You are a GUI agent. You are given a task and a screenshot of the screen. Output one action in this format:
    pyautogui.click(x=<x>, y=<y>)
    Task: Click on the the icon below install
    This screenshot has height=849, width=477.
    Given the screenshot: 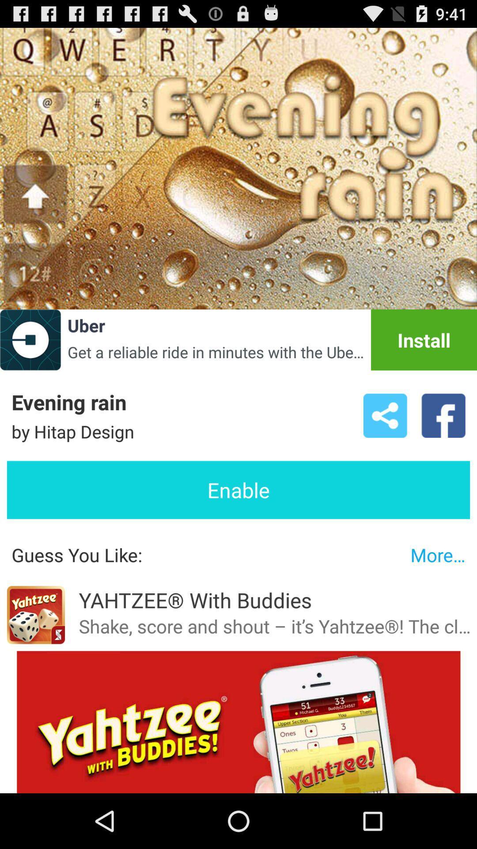 What is the action you would take?
    pyautogui.click(x=385, y=415)
    